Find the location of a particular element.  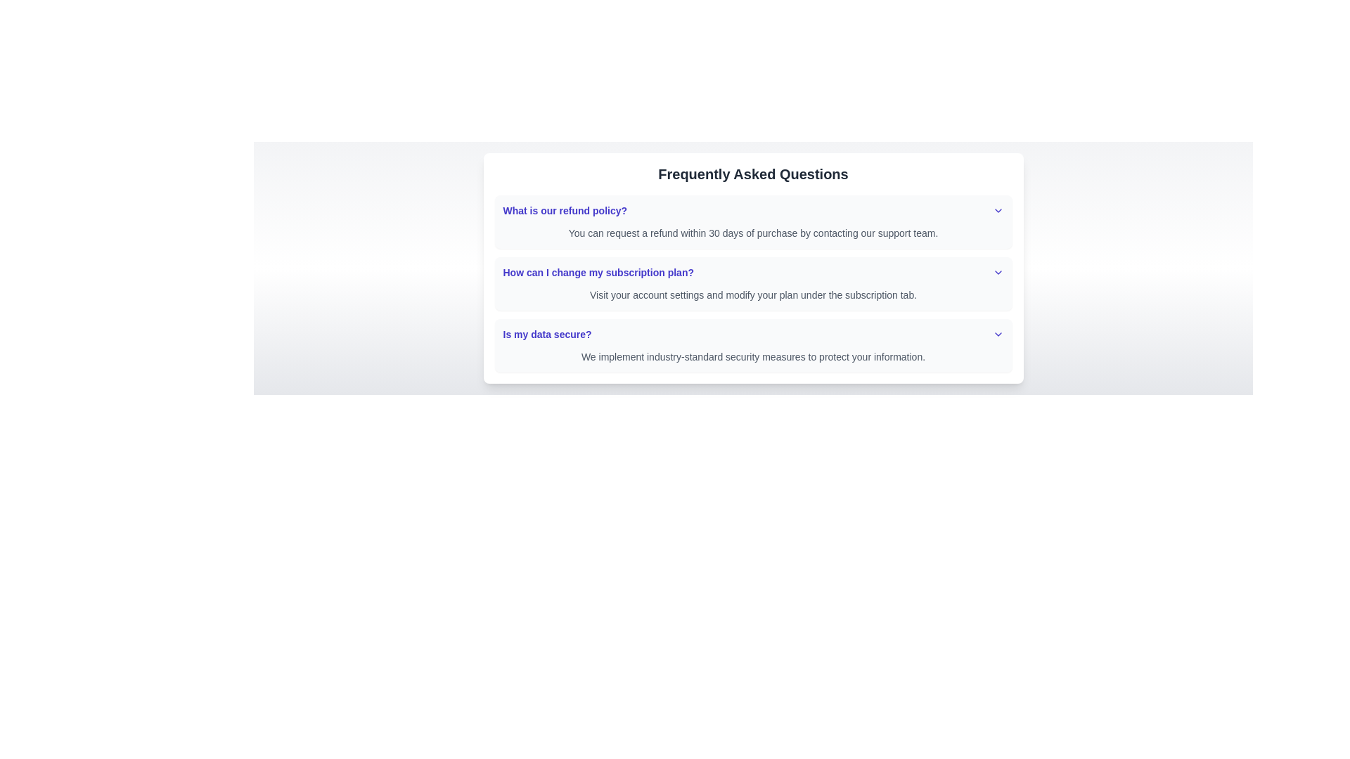

question 'Is my data secure?' and the corresponding answer 'We implement industry-standard security measures to protect your information.' from the third entry in the Collapsible FAQ section under the blue title 'Frequently Asked Questions' is located at coordinates (752, 346).